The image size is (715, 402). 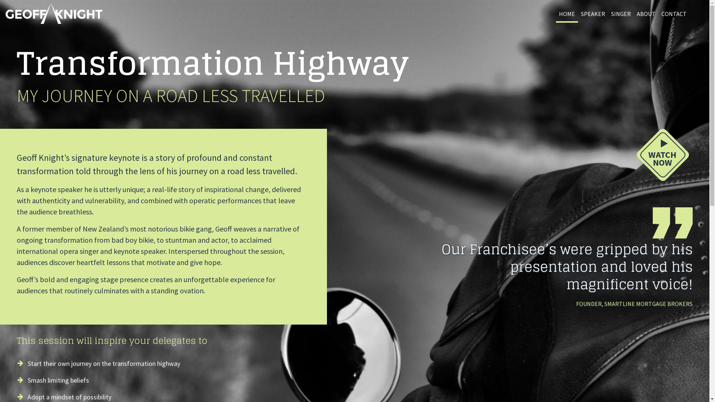 I want to click on 'ABOUT', so click(x=645, y=14).